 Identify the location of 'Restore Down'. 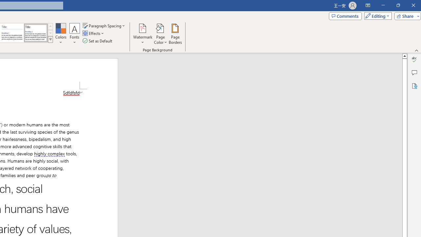
(398, 5).